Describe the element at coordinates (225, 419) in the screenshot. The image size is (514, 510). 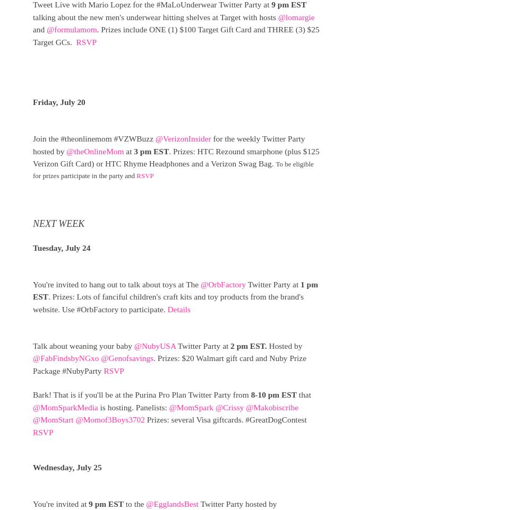
I see `'Prizes: several Visa giftcards. #GreatDogContest'` at that location.